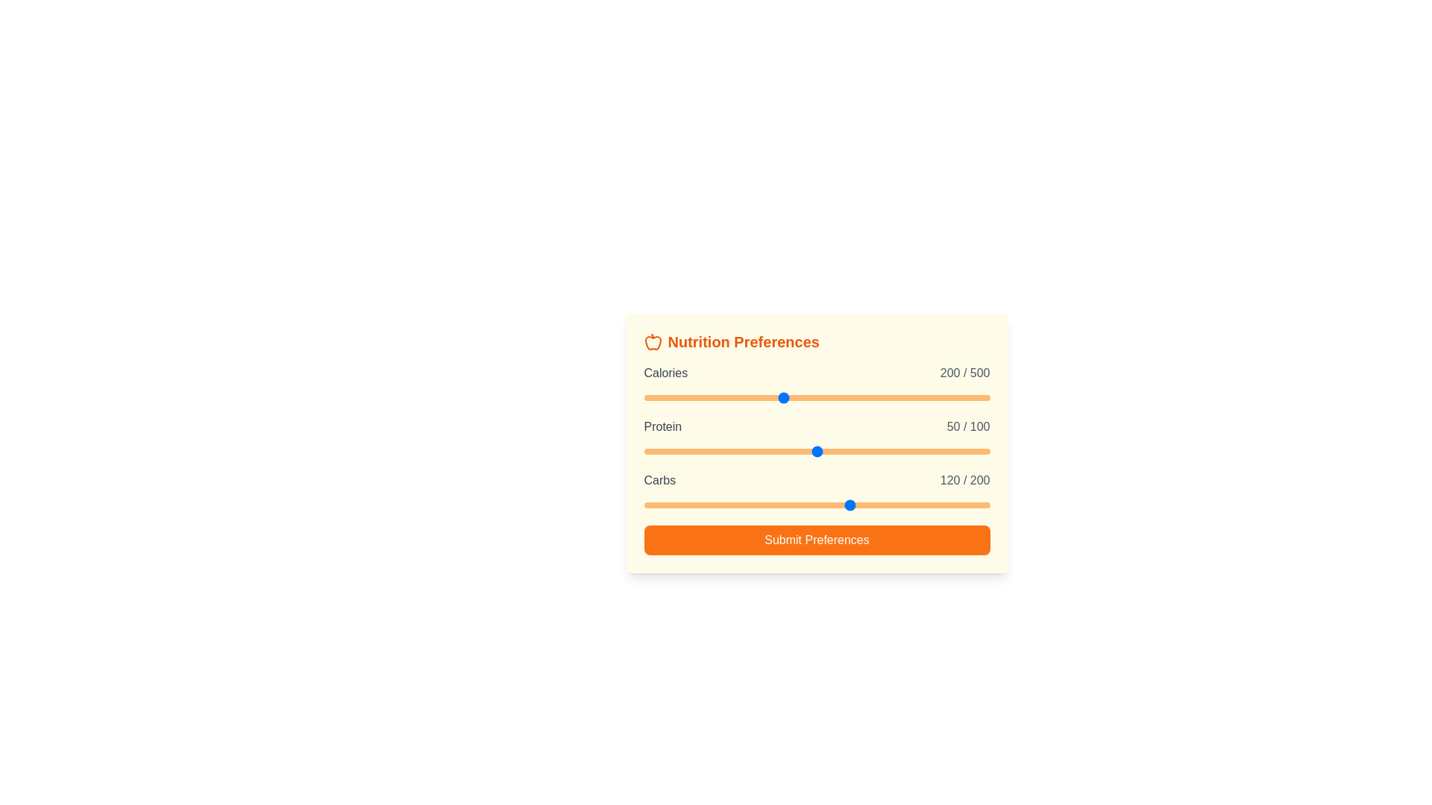 The image size is (1432, 805). Describe the element at coordinates (968, 427) in the screenshot. I see `the static text label displaying '50 / 100' for the 'Protein' category, which is positioned to the right of the 'Protein' label` at that location.